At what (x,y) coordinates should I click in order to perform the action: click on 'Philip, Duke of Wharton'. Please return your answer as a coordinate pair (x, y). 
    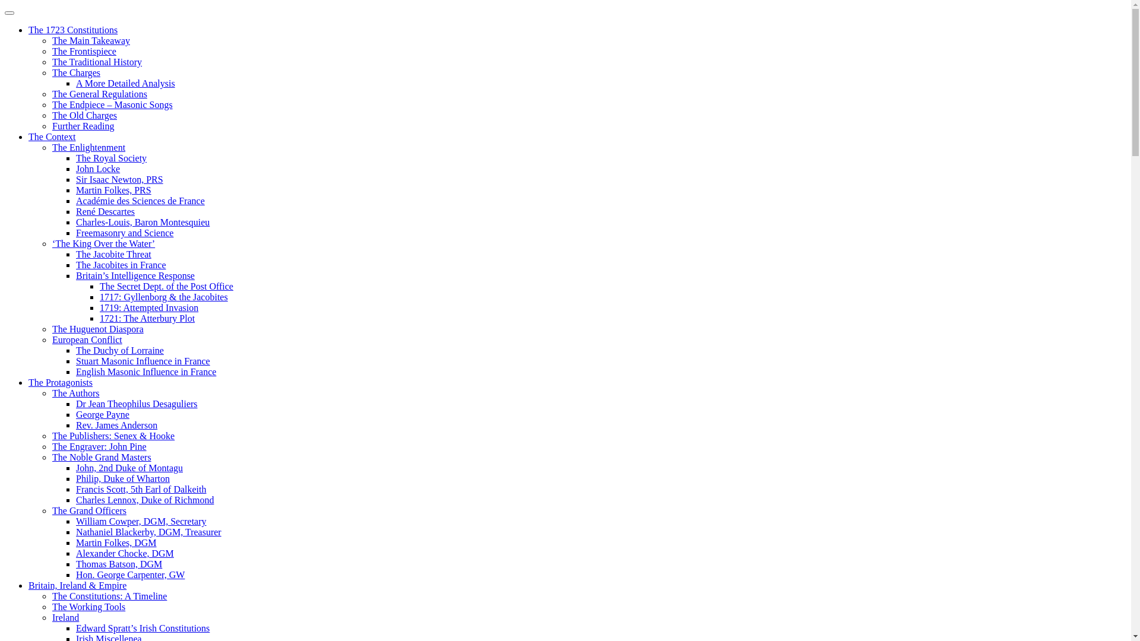
    Looking at the image, I should click on (122, 478).